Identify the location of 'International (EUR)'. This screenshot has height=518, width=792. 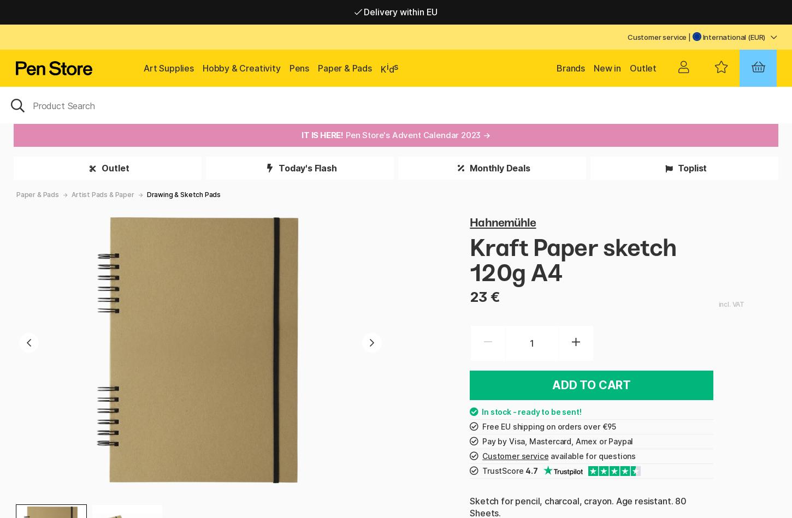
(700, 37).